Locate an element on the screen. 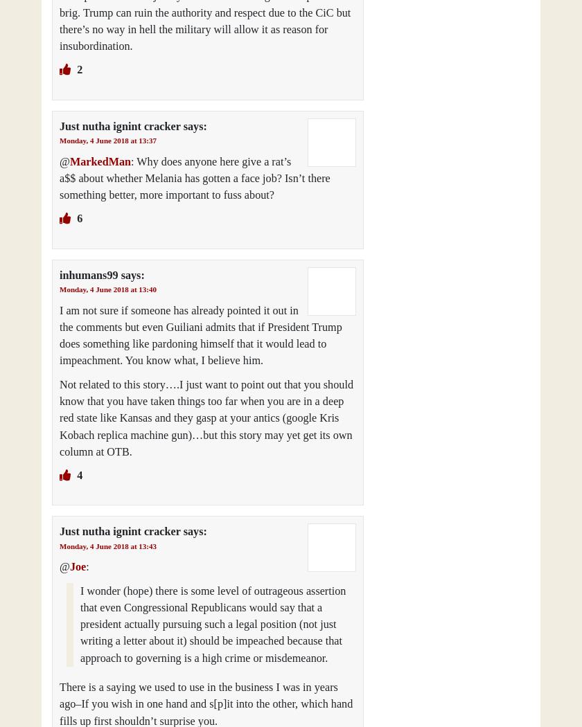 The width and height of the screenshot is (582, 727). 'MarkedMan' is located at coordinates (100, 161).